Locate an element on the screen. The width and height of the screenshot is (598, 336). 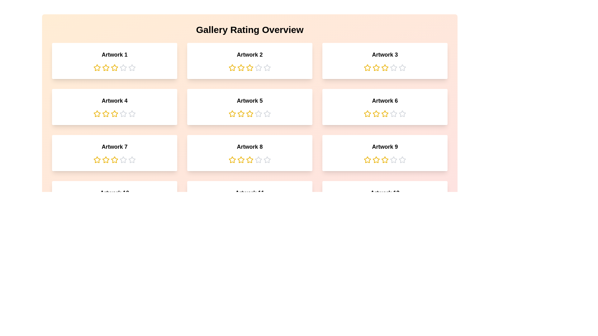
the rating of an artwork to 3 stars by clicking the corresponding star is located at coordinates (115, 68).